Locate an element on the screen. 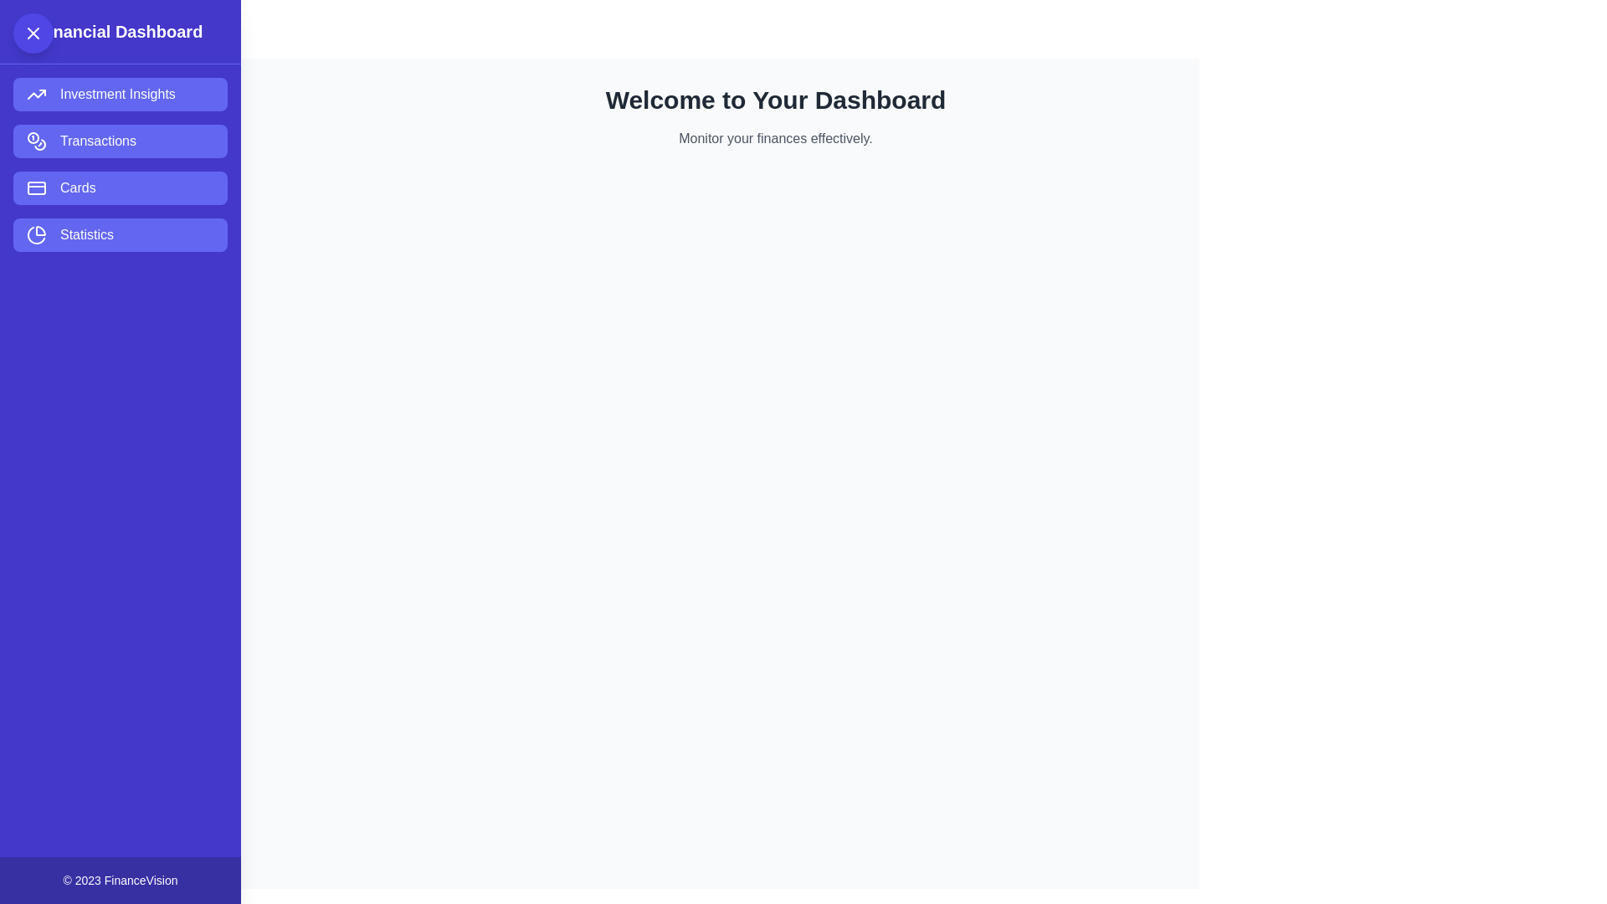 The height and width of the screenshot is (904, 1607). the circular icon button with a cross symbol inside, styled with a purple background is located at coordinates (33, 33).